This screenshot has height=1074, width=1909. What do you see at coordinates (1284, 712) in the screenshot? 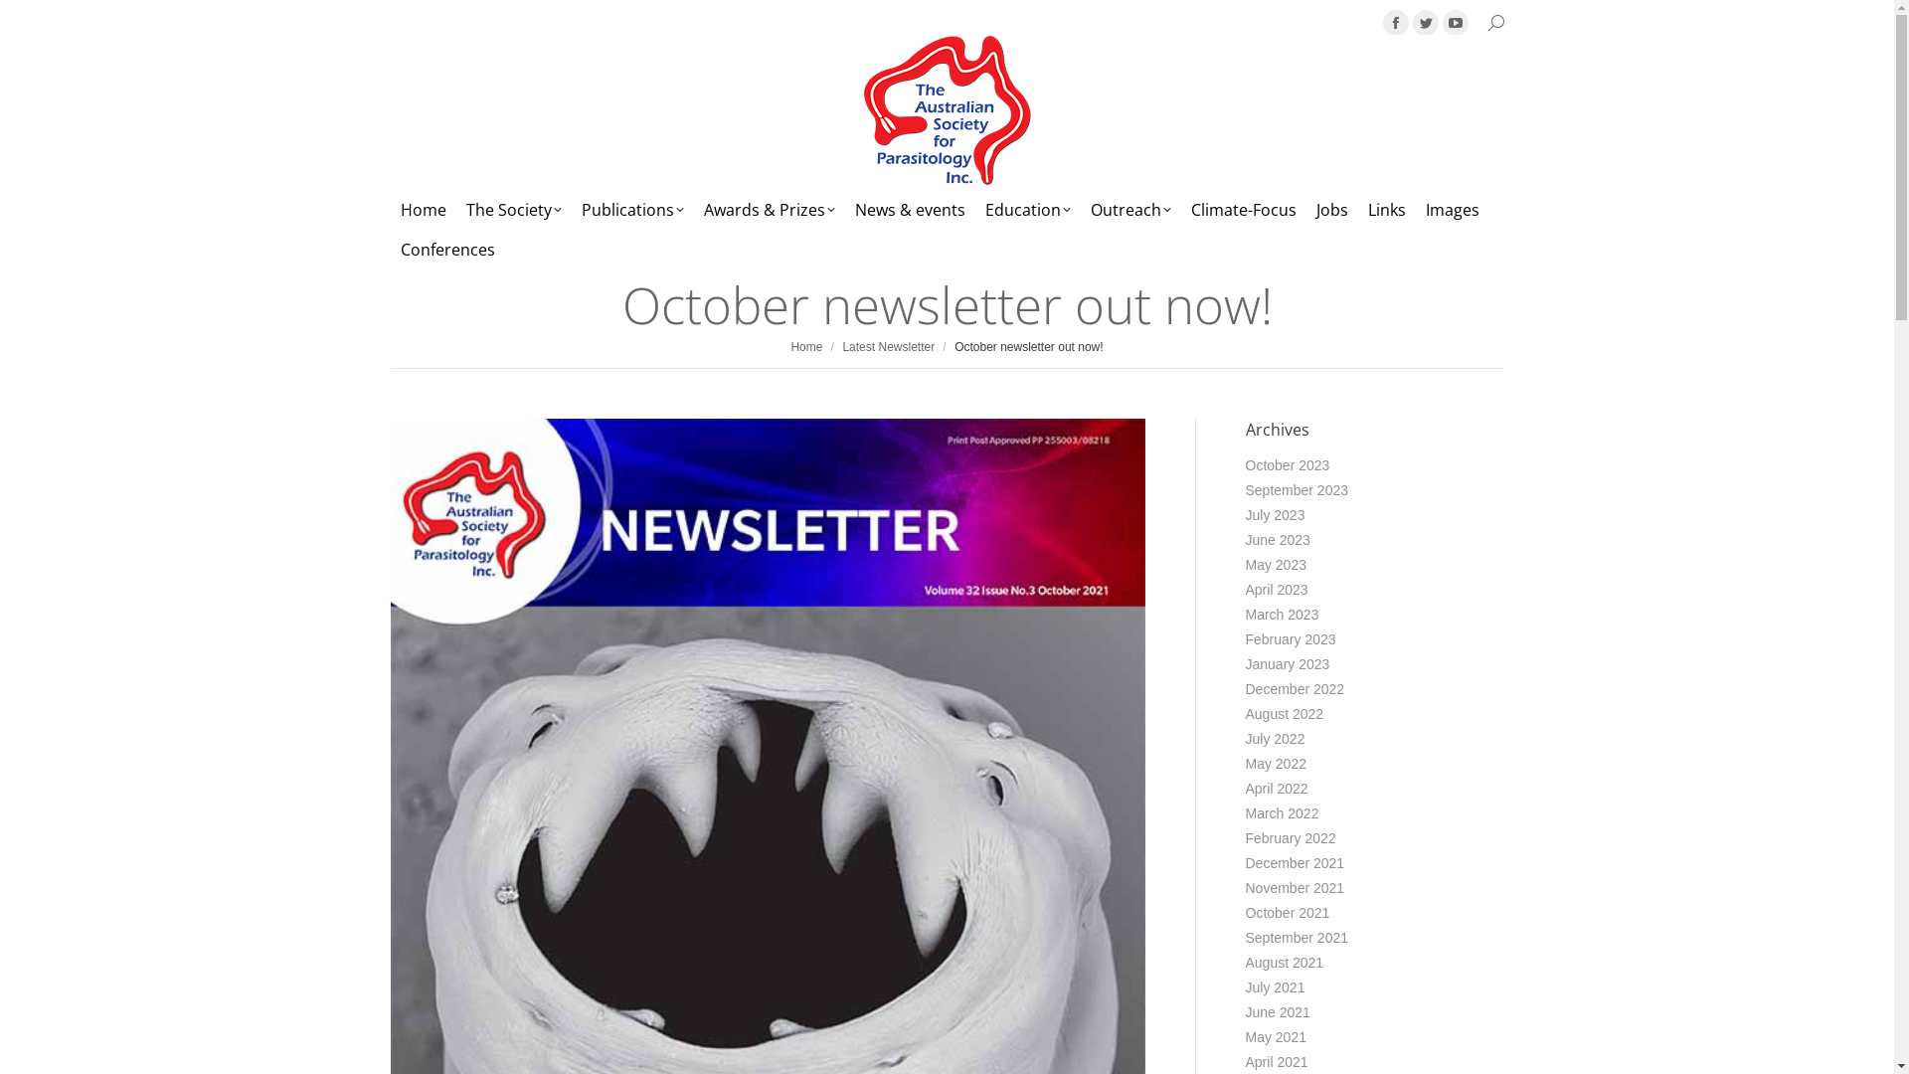
I see `'August 2022'` at bounding box center [1284, 712].